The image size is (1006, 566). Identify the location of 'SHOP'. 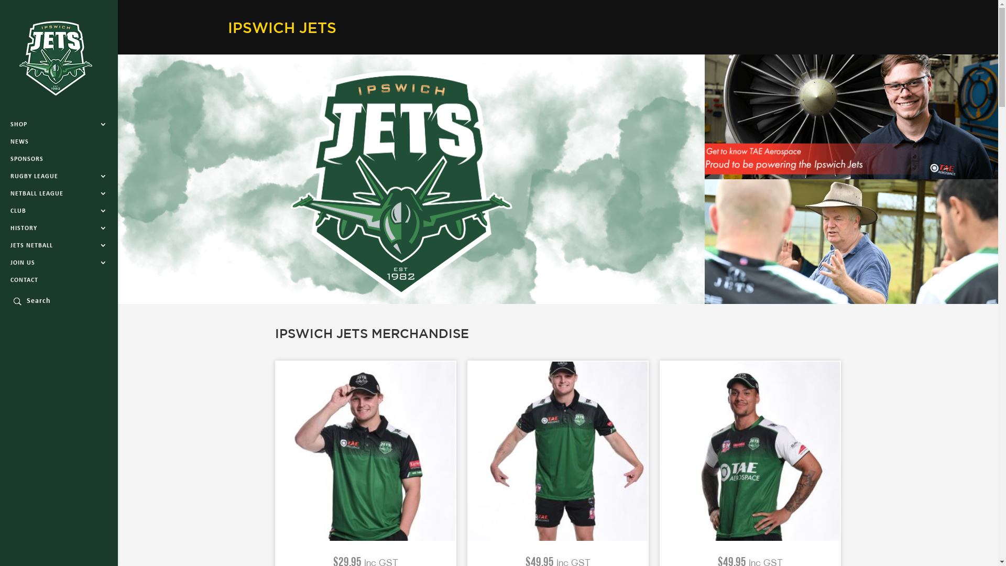
(58, 124).